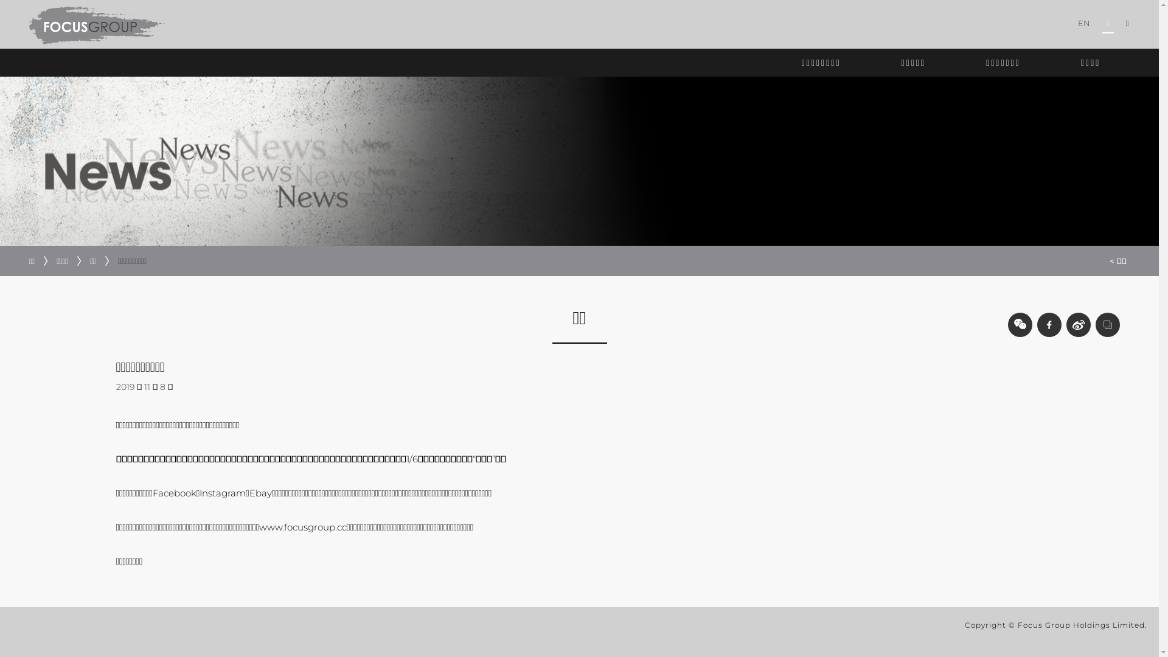  I want to click on 'EN', so click(1083, 23).